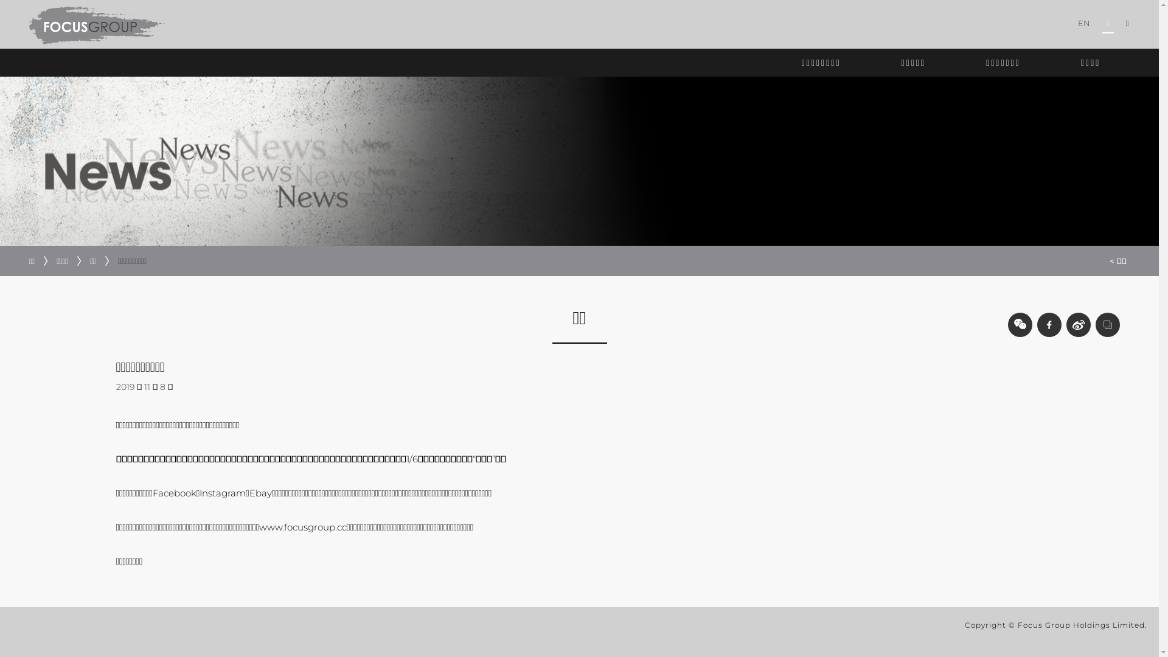  I want to click on 'EN', so click(1083, 23).